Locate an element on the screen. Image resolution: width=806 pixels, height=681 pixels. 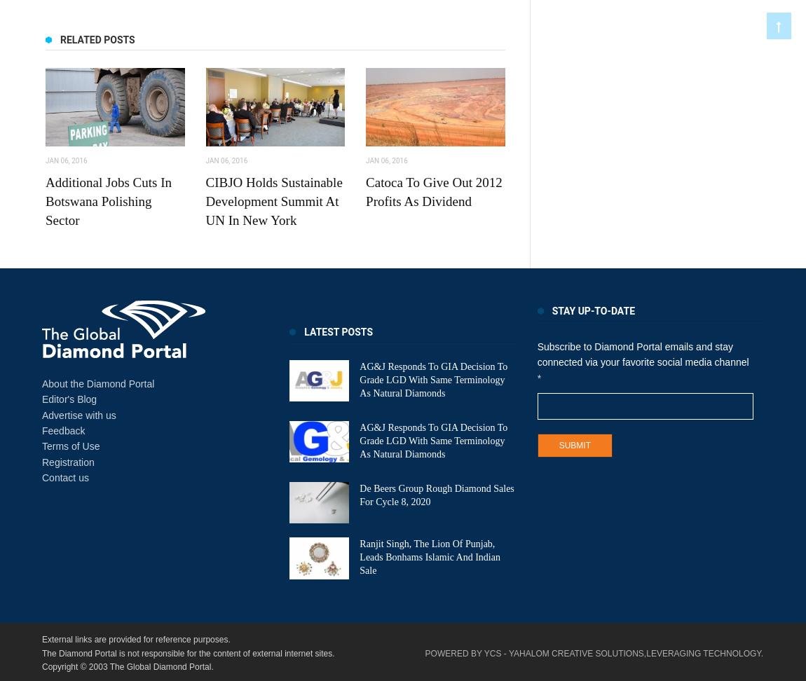
'Terms of Use' is located at coordinates (41, 446).